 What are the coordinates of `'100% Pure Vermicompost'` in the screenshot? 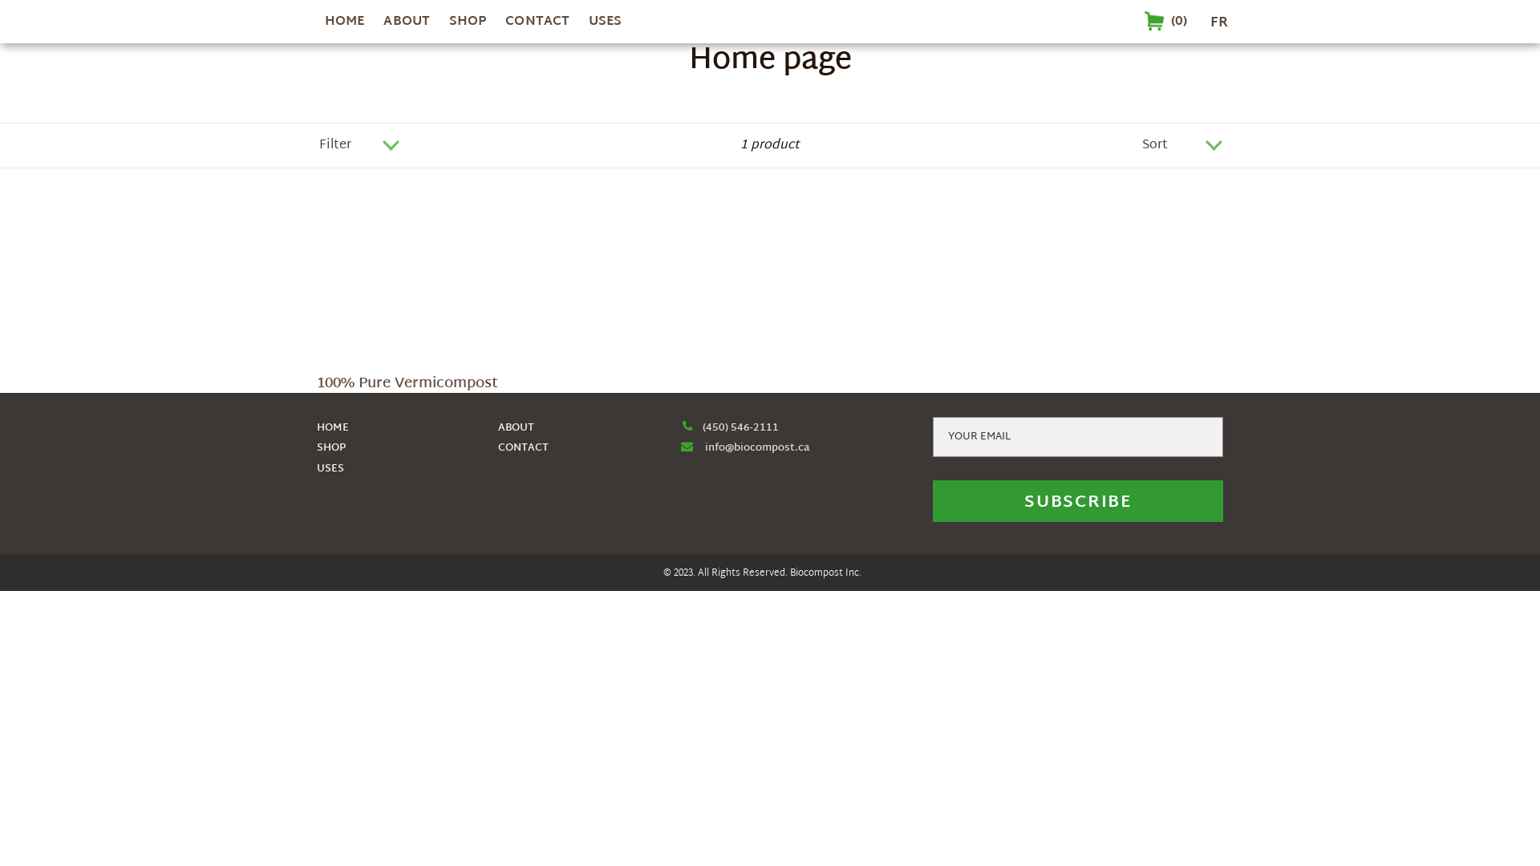 It's located at (316, 302).